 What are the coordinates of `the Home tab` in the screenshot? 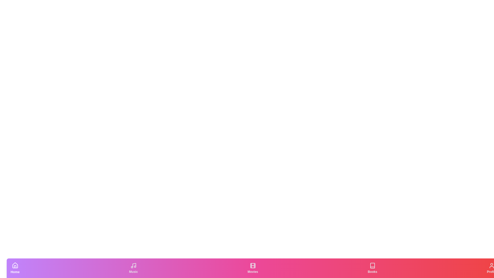 It's located at (15, 268).